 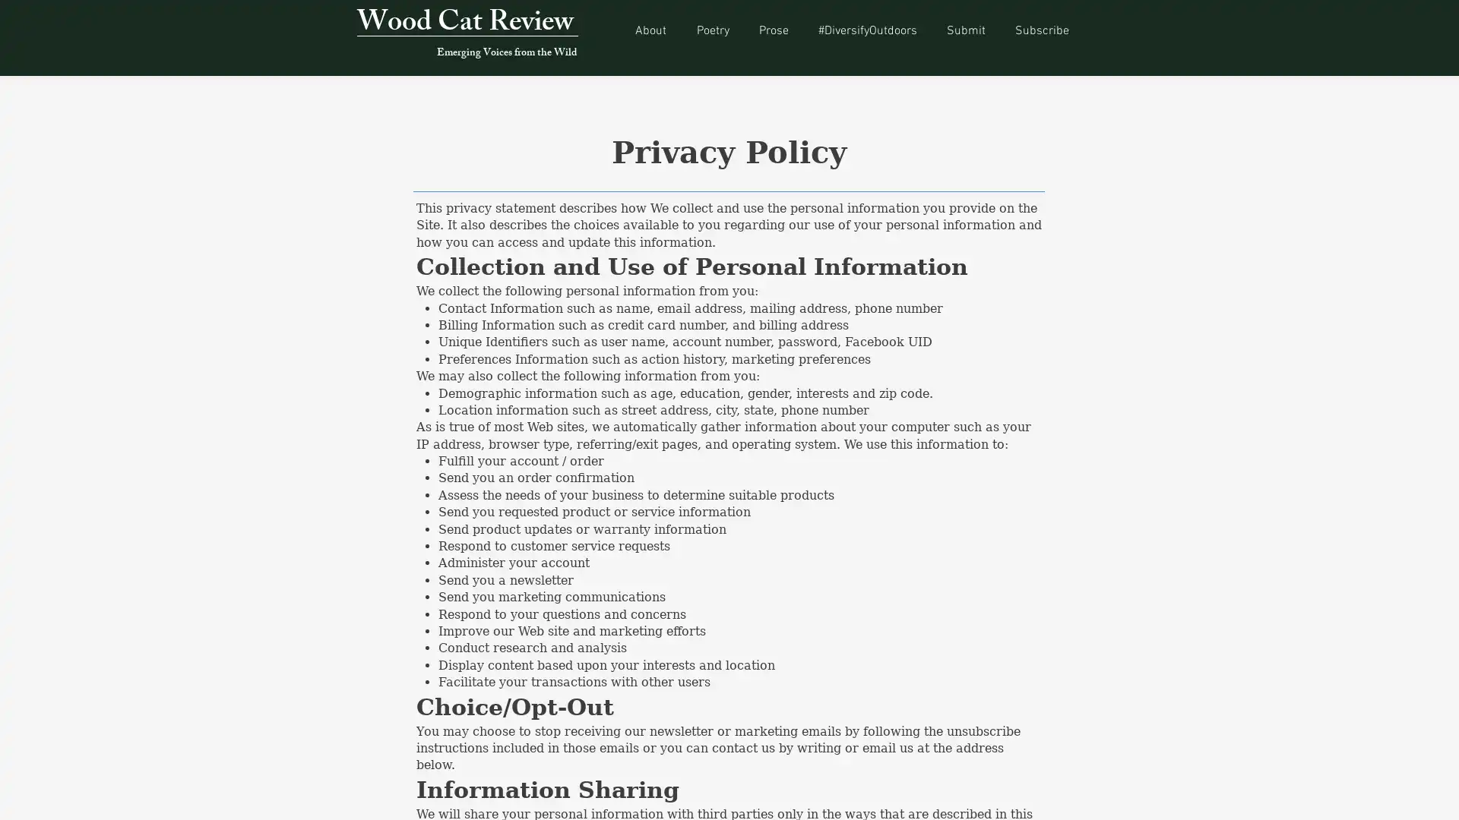 What do you see at coordinates (1391, 795) in the screenshot?
I see `Accept` at bounding box center [1391, 795].